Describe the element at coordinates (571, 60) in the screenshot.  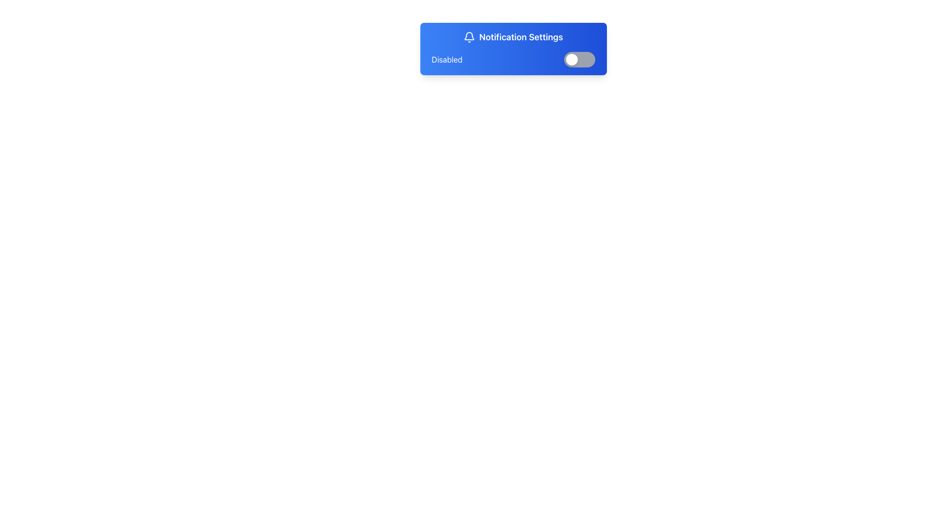
I see `the toggle knob located in the central-right region of the oval-shaped toggle switch for additional feedback` at that location.